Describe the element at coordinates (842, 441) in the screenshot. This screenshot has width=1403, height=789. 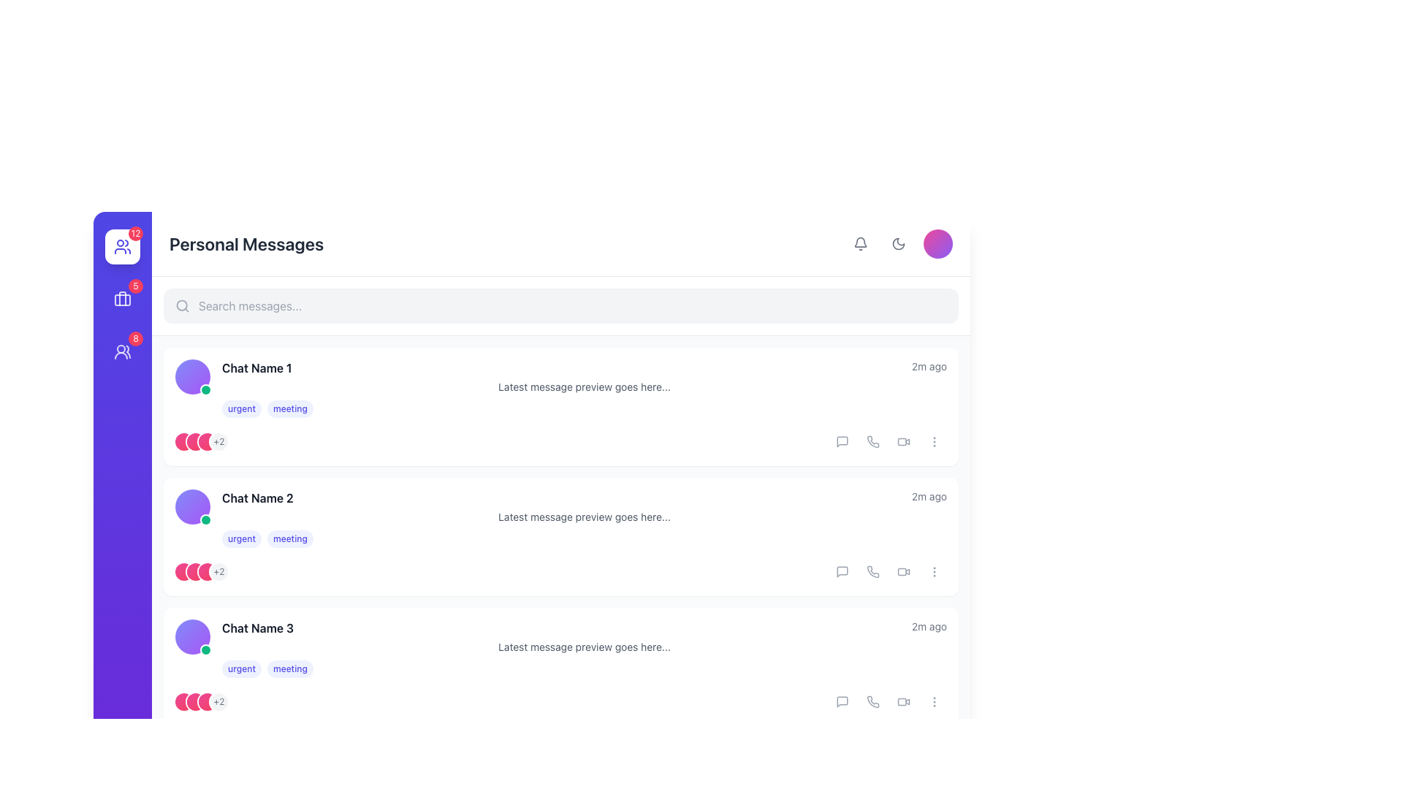
I see `the message icon located in the top-right area of the chat list section` at that location.